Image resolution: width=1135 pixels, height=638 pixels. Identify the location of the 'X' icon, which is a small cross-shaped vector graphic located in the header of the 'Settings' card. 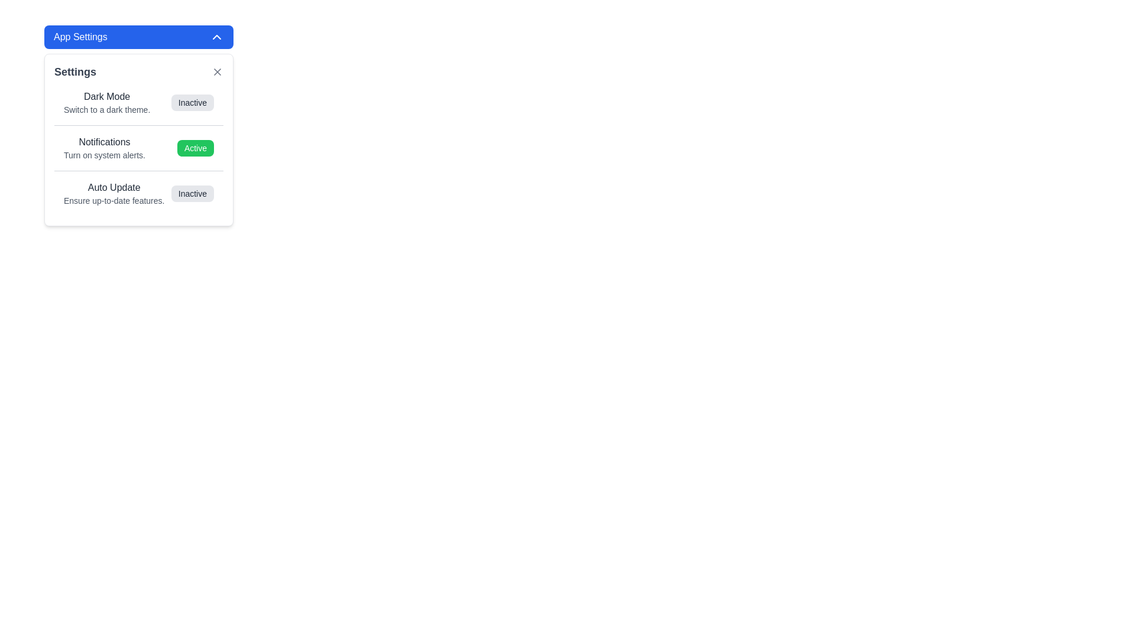
(218, 72).